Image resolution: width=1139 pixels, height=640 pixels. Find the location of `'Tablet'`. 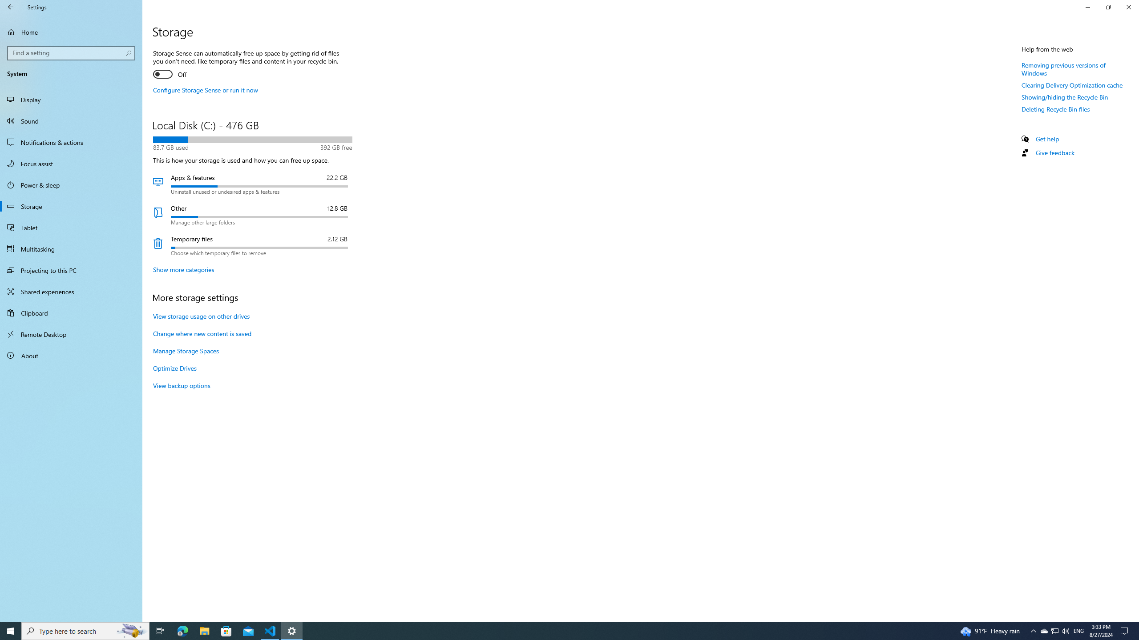

'Tablet' is located at coordinates (71, 227).